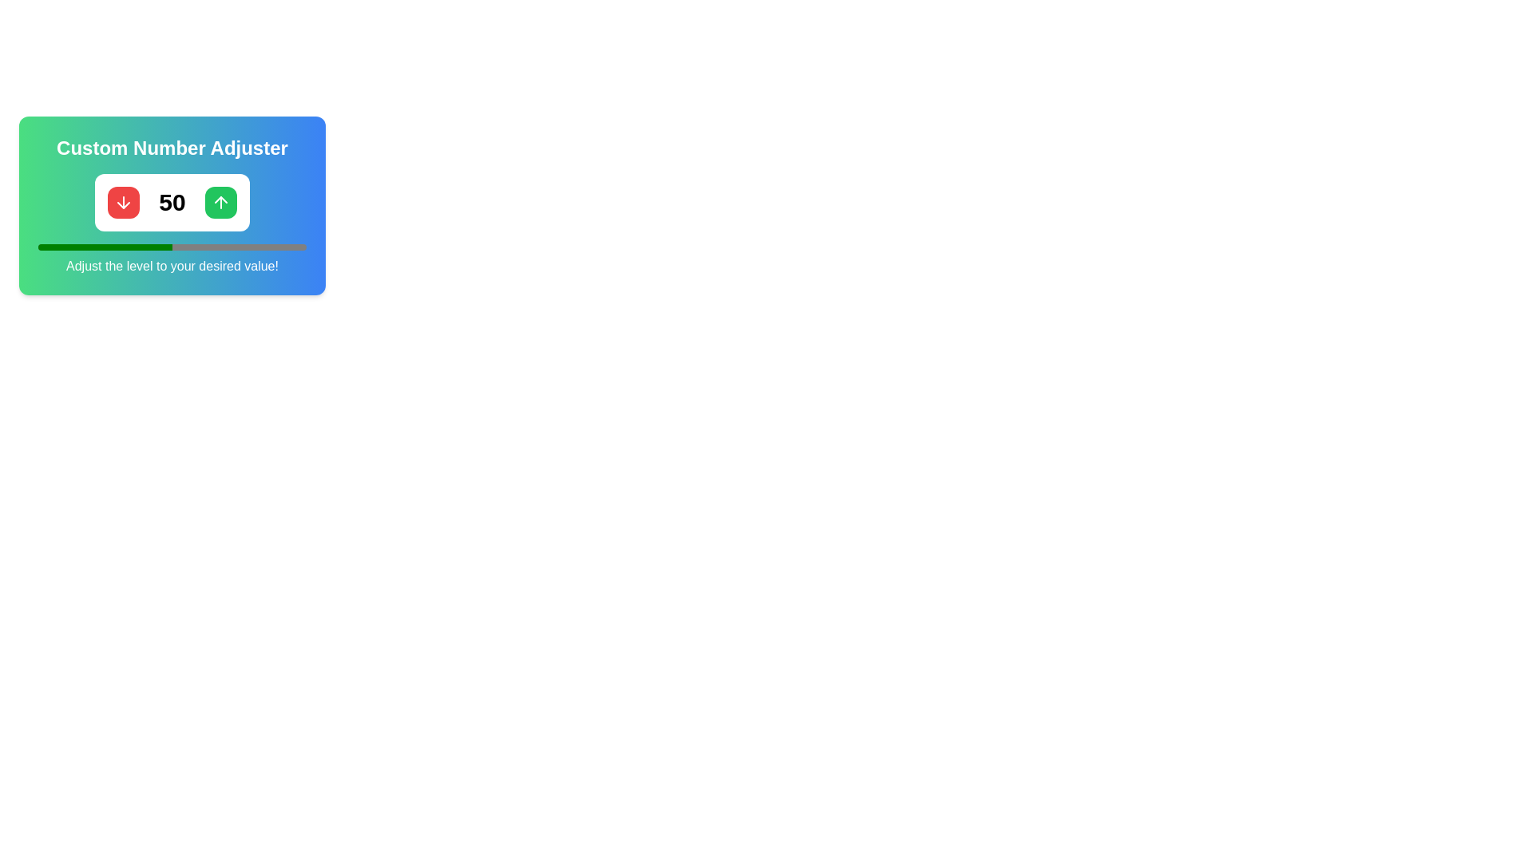 The width and height of the screenshot is (1533, 862). I want to click on the increment button with an upward arrow icon located to the right of the number display '50' in the 'Custom Number Adjuster' interface, so click(220, 202).